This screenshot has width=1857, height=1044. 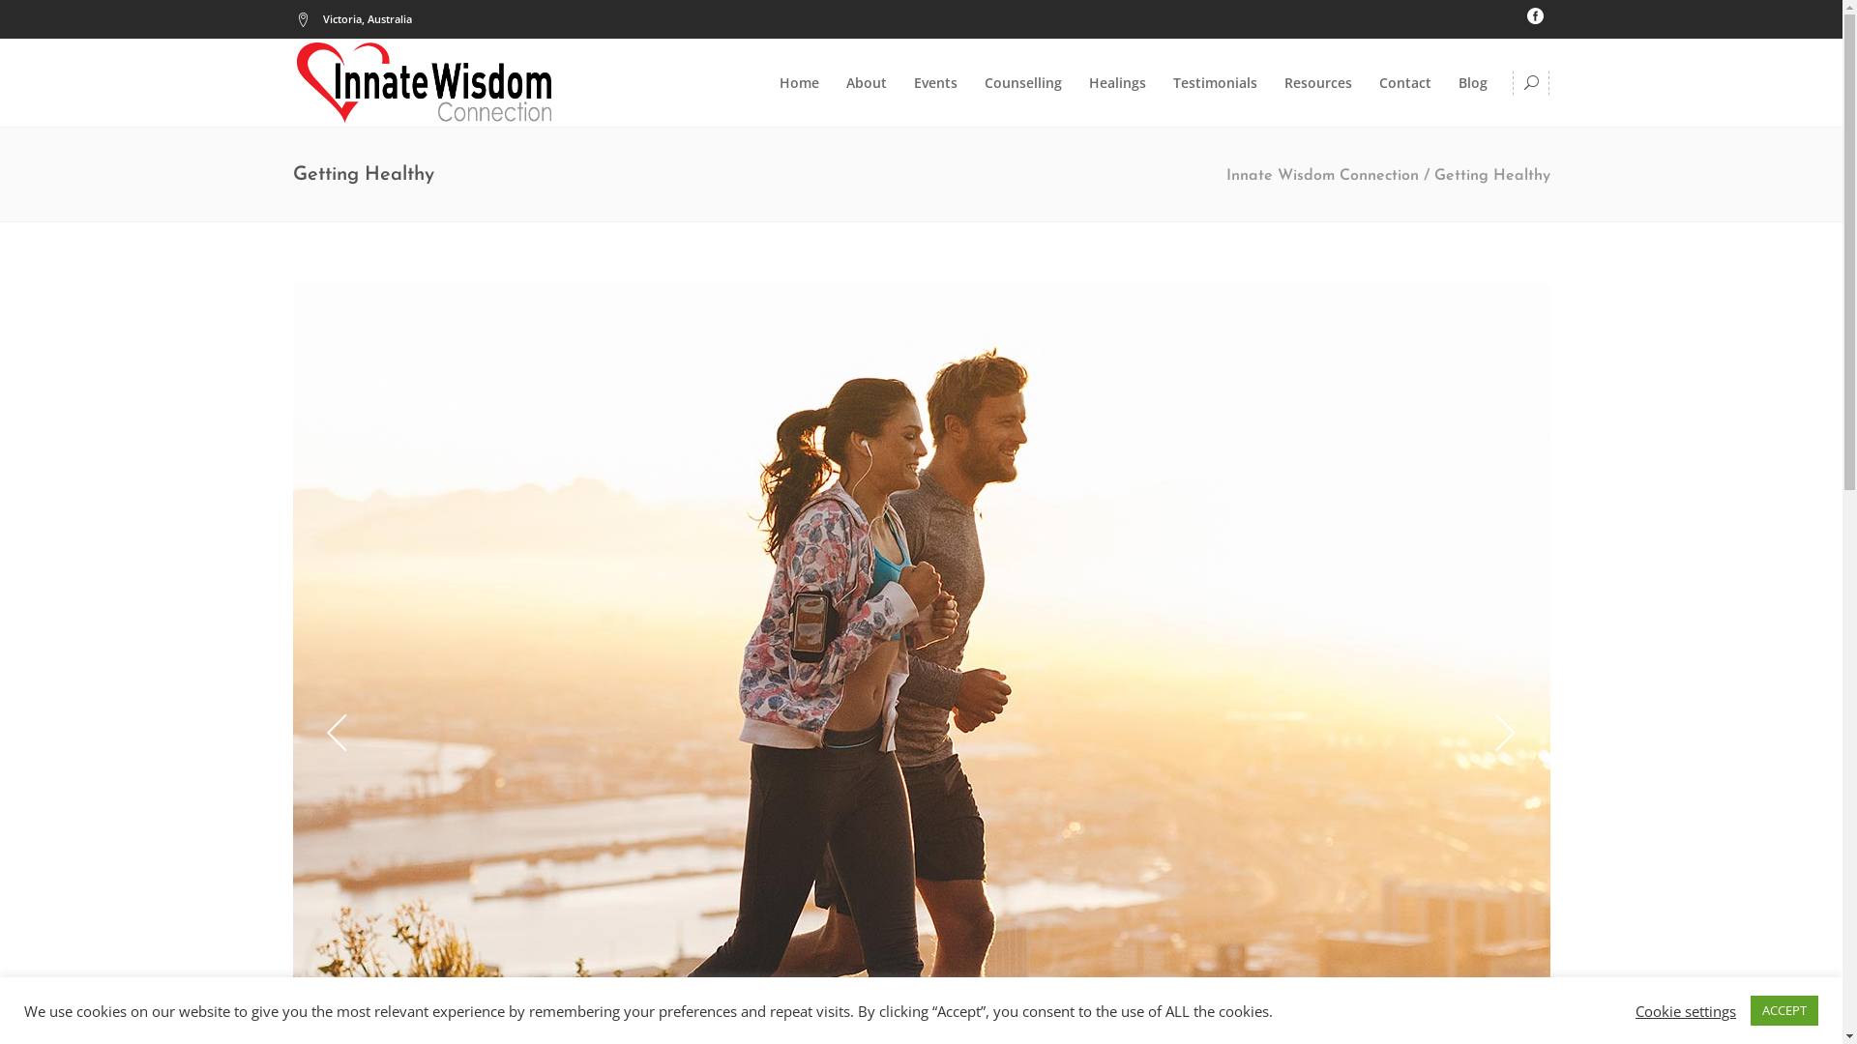 What do you see at coordinates (970, 81) in the screenshot?
I see `'Counselling'` at bounding box center [970, 81].